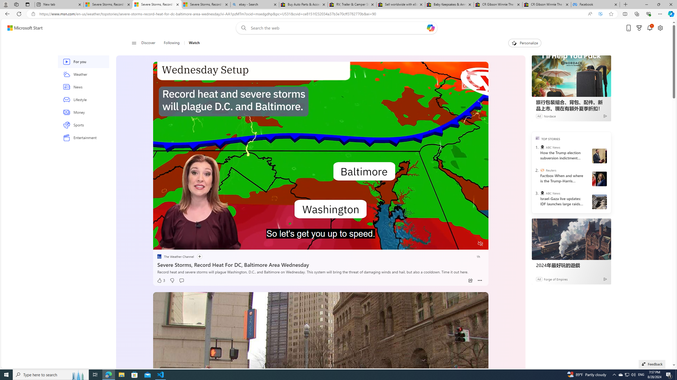 The width and height of the screenshot is (677, 380). What do you see at coordinates (337, 27) in the screenshot?
I see `'Enter your search term'` at bounding box center [337, 27].